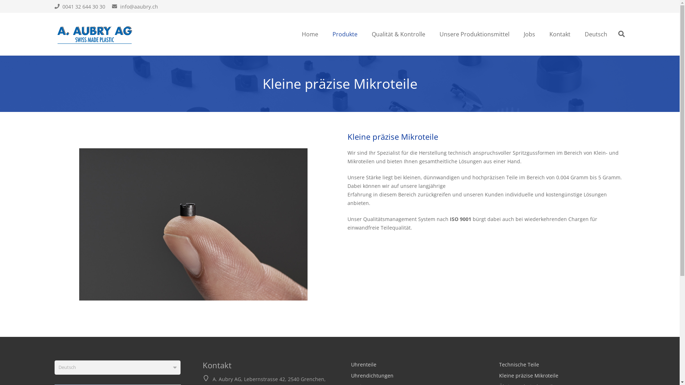 The height and width of the screenshot is (385, 685). What do you see at coordinates (519, 364) in the screenshot?
I see `'Technische Teile'` at bounding box center [519, 364].